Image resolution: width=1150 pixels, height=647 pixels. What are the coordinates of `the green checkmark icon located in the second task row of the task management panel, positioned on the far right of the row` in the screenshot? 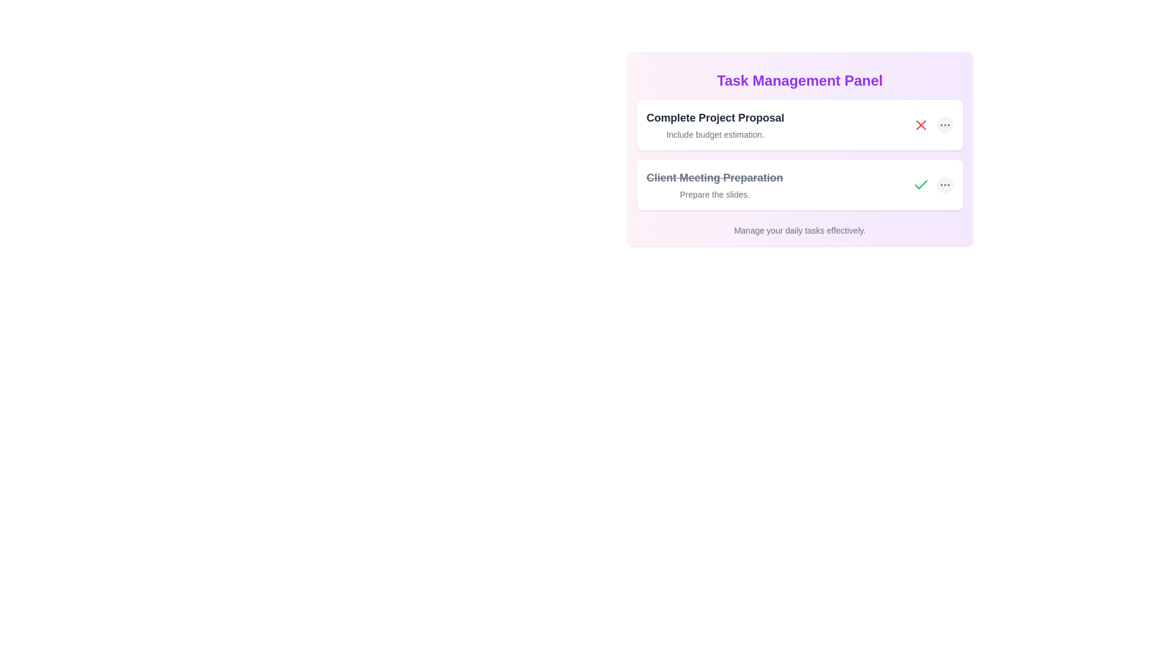 It's located at (920, 185).